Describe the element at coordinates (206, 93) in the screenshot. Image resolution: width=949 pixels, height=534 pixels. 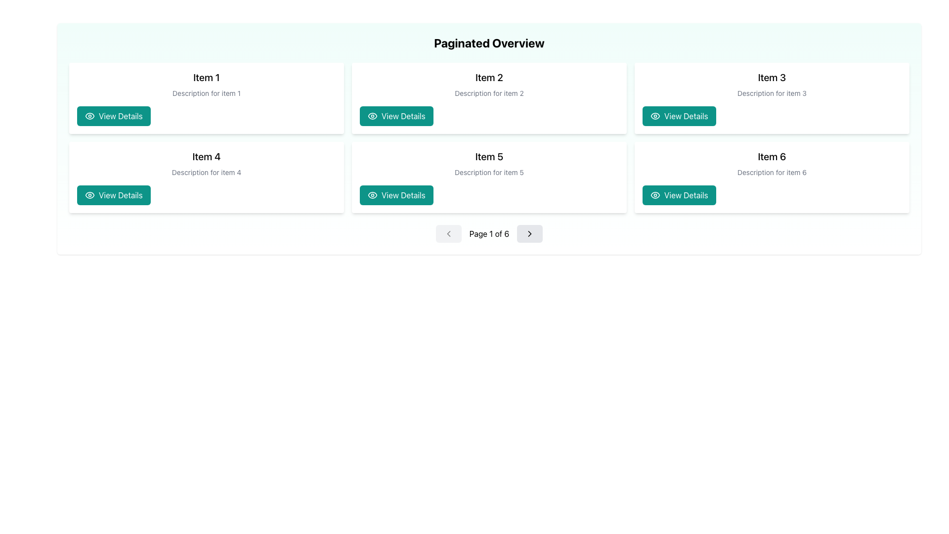
I see `the static text that provides descriptive information related to the 'Item 1' card, which is located centrally within the top-left card of a grid layout` at that location.